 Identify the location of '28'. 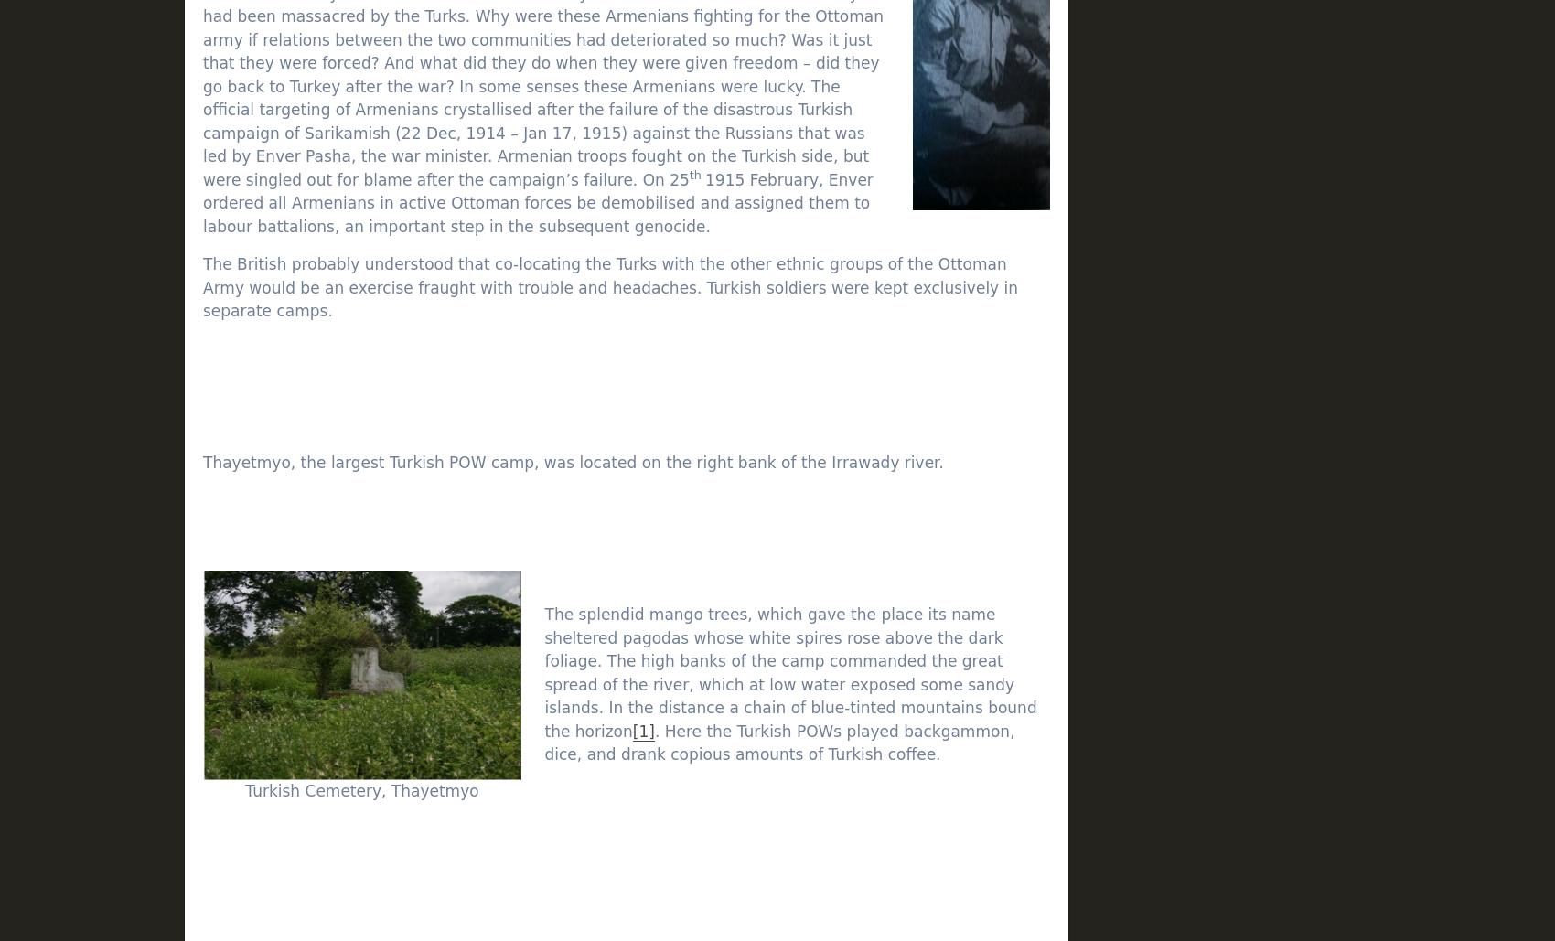
(1174, 774).